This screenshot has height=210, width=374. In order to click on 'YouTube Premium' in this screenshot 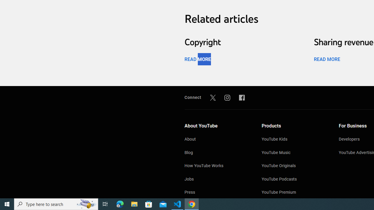, I will do `click(294, 193)`.